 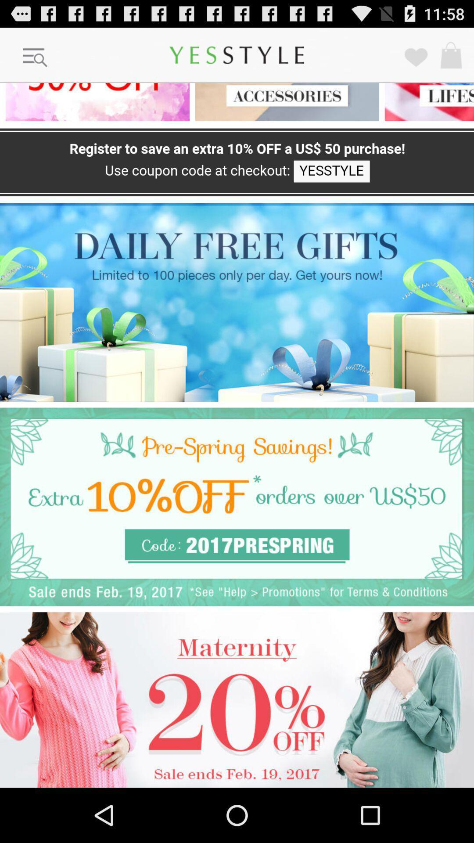 What do you see at coordinates (284, 102) in the screenshot?
I see `open new page` at bounding box center [284, 102].